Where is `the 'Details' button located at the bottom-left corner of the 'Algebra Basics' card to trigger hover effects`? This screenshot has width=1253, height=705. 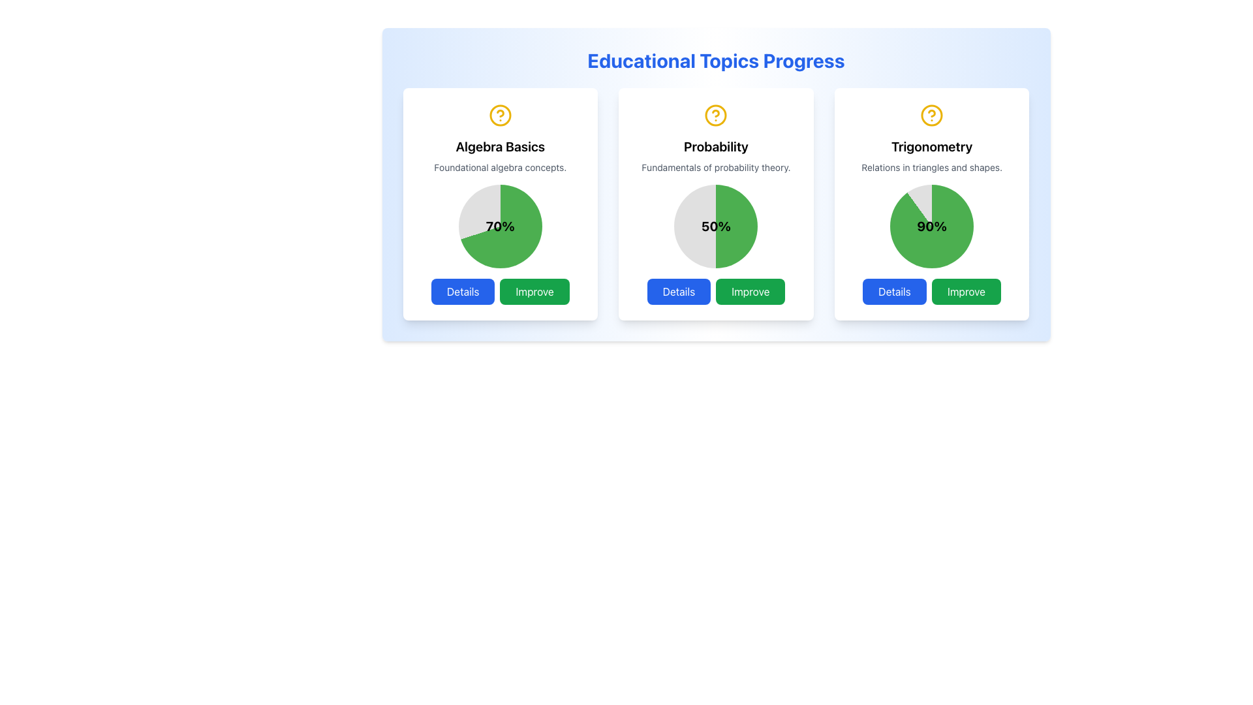 the 'Details' button located at the bottom-left corner of the 'Algebra Basics' card to trigger hover effects is located at coordinates (463, 291).